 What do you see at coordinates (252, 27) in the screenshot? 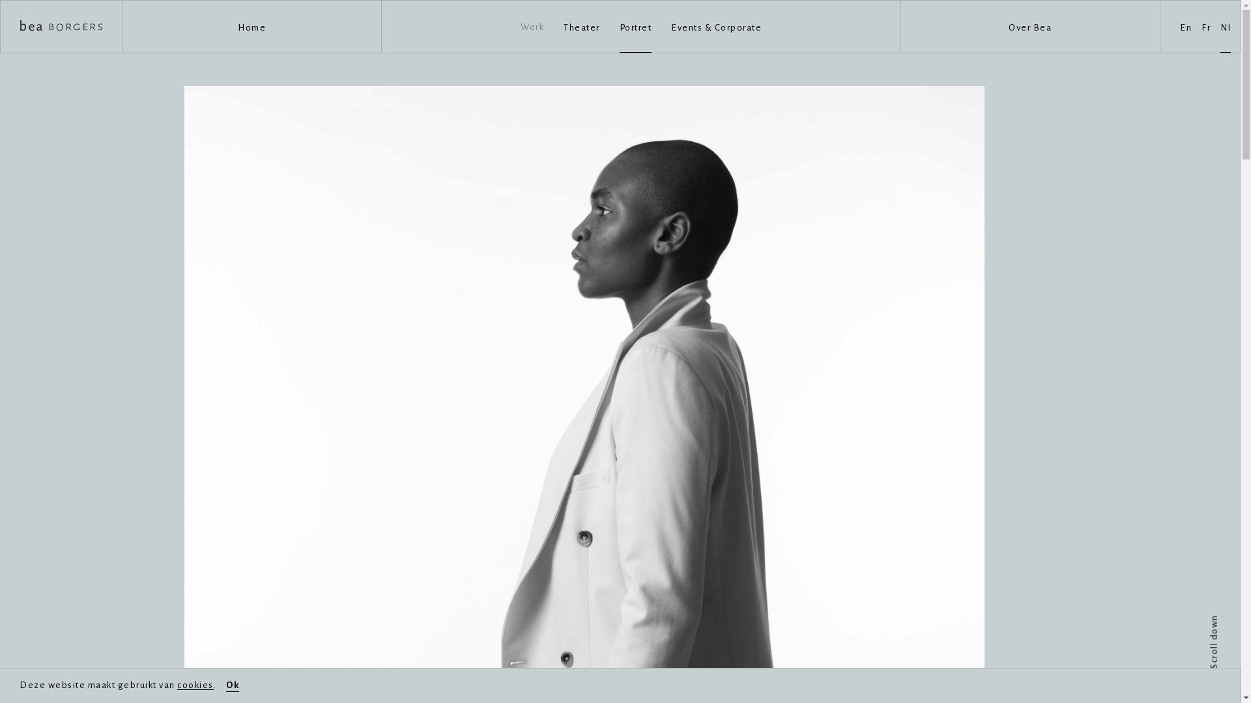
I see `'Home'` at bounding box center [252, 27].